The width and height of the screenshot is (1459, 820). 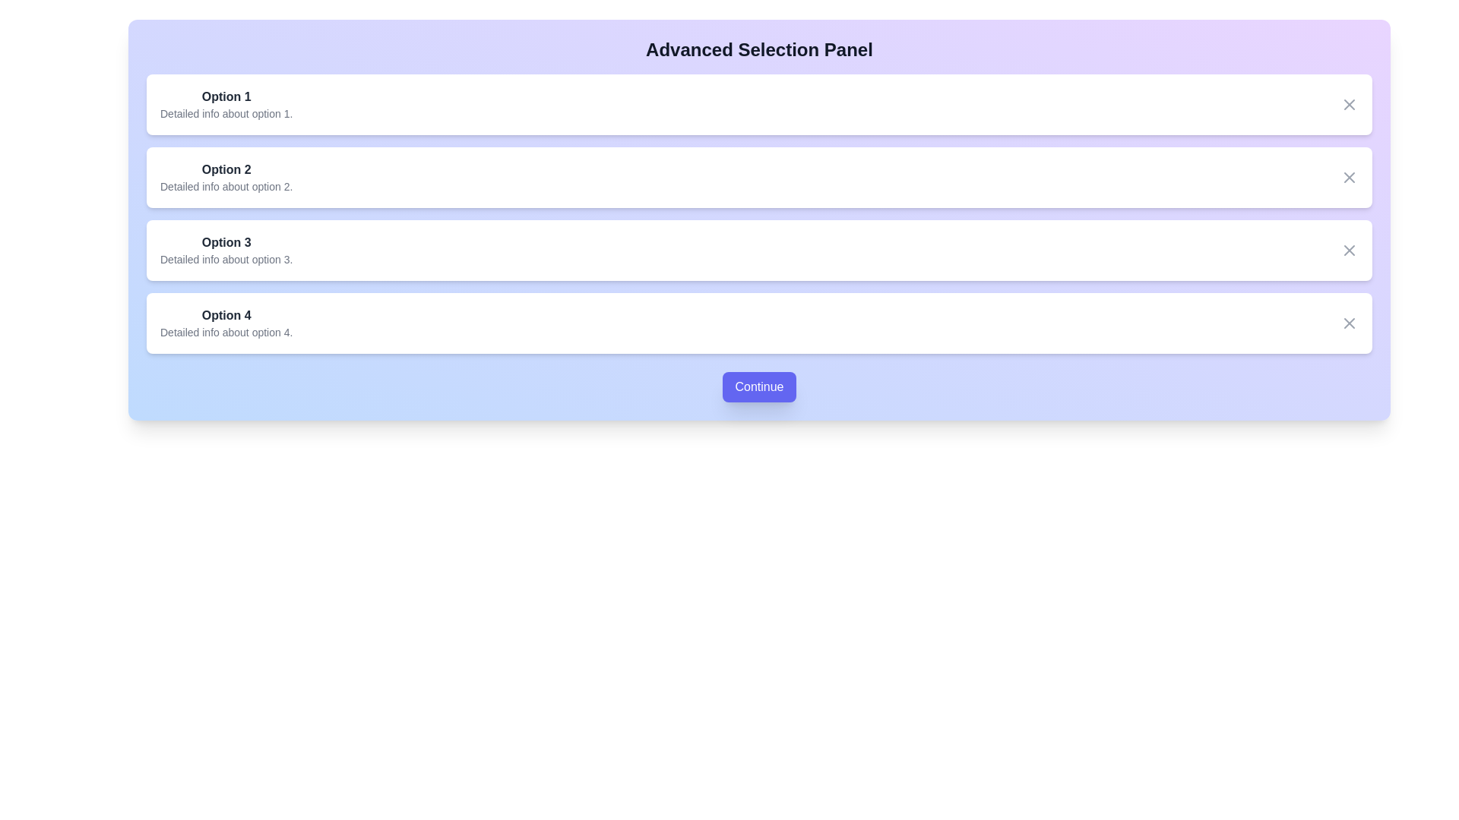 What do you see at coordinates (1350, 177) in the screenshot?
I see `the small circular button with an 'X' icon, located at the far right edge of the 'Option 2' card` at bounding box center [1350, 177].